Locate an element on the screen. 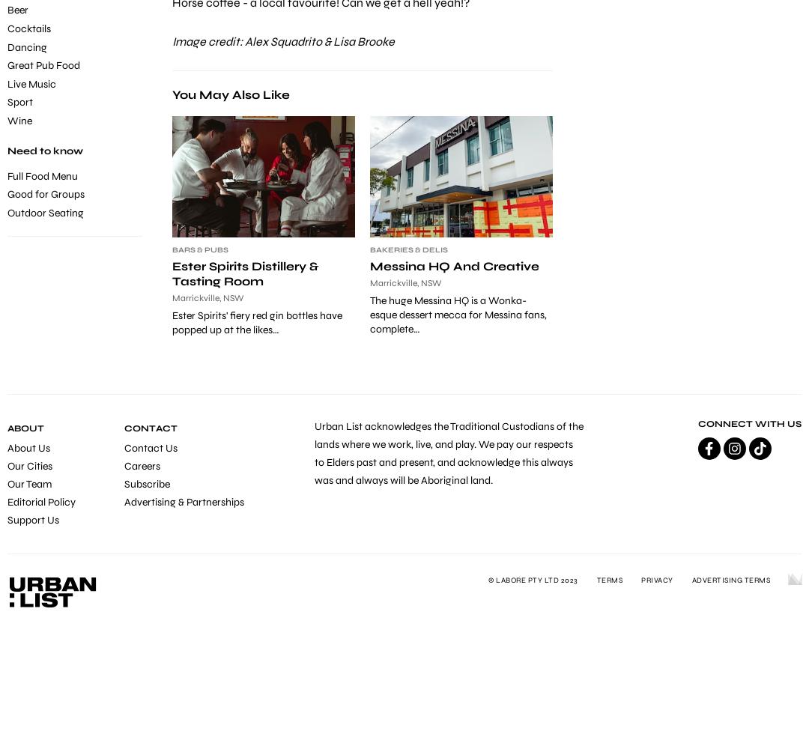  'Outdoor Seating' is located at coordinates (45, 212).